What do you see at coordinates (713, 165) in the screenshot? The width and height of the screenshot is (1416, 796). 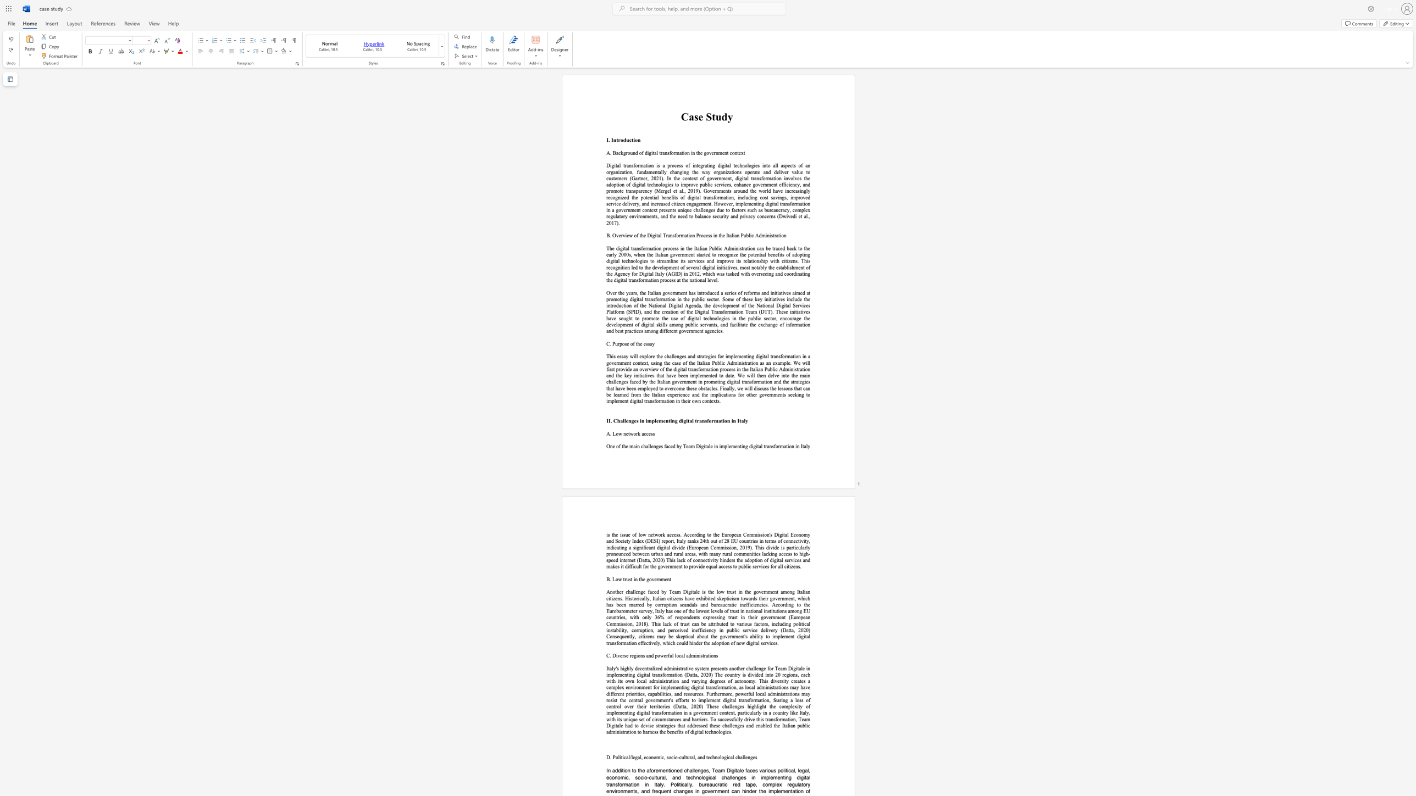 I see `the 3th character "g" in the text` at bounding box center [713, 165].